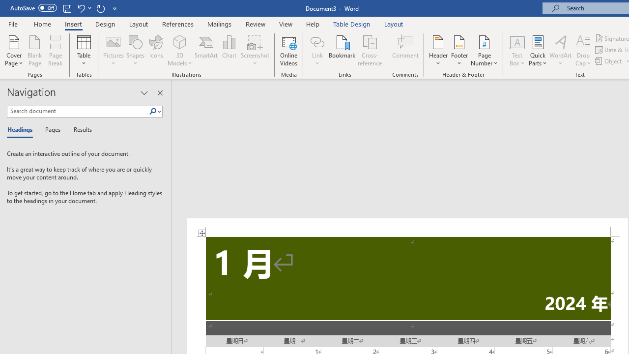 The width and height of the screenshot is (629, 354). I want to click on 'Home', so click(42, 24).